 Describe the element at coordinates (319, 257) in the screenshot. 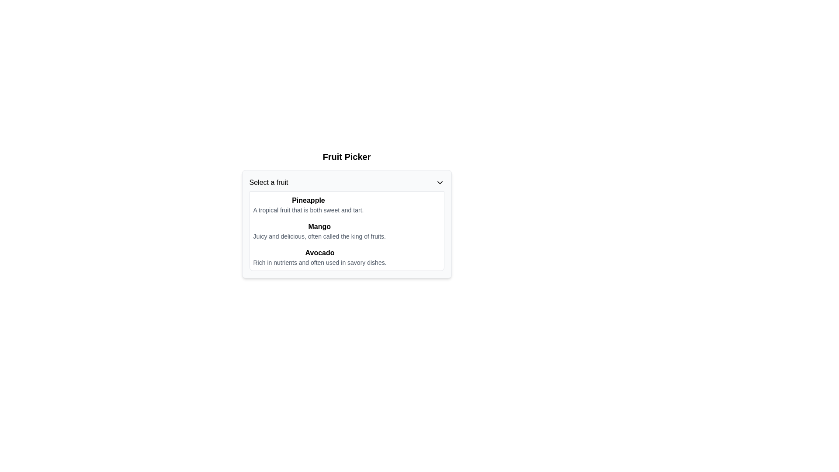

I see `the text element that reads 'Avocado', which is styled in bold and is the third item in the dropdown menu of fruit options` at that location.